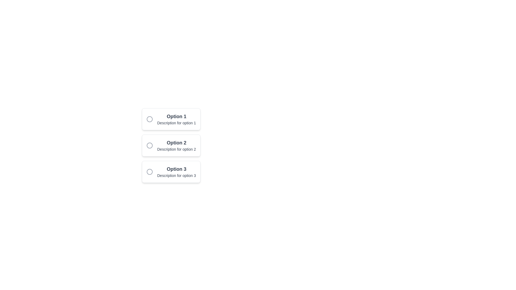  Describe the element at coordinates (149, 146) in the screenshot. I see `the center of the circular selection marker icon, which is part of the selection component labeled 'Option 2'` at that location.